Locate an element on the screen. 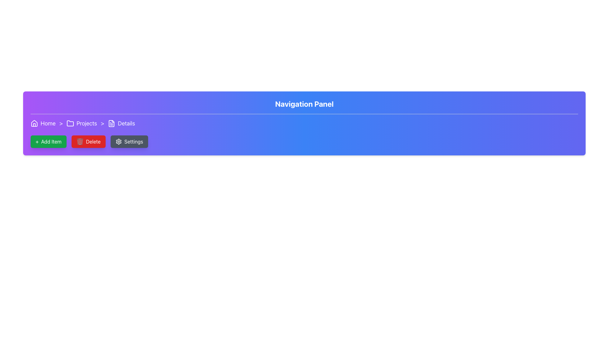 The width and height of the screenshot is (600, 337). the Breadcrumb Label, which serves as a navigation link indicating the 'Projects' section in the breadcrumb trail is located at coordinates (81, 124).